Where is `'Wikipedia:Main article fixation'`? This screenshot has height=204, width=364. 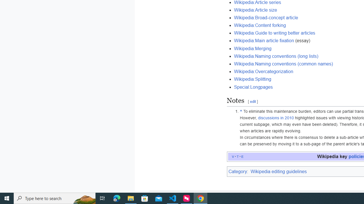 'Wikipedia:Main article fixation' is located at coordinates (264, 41).